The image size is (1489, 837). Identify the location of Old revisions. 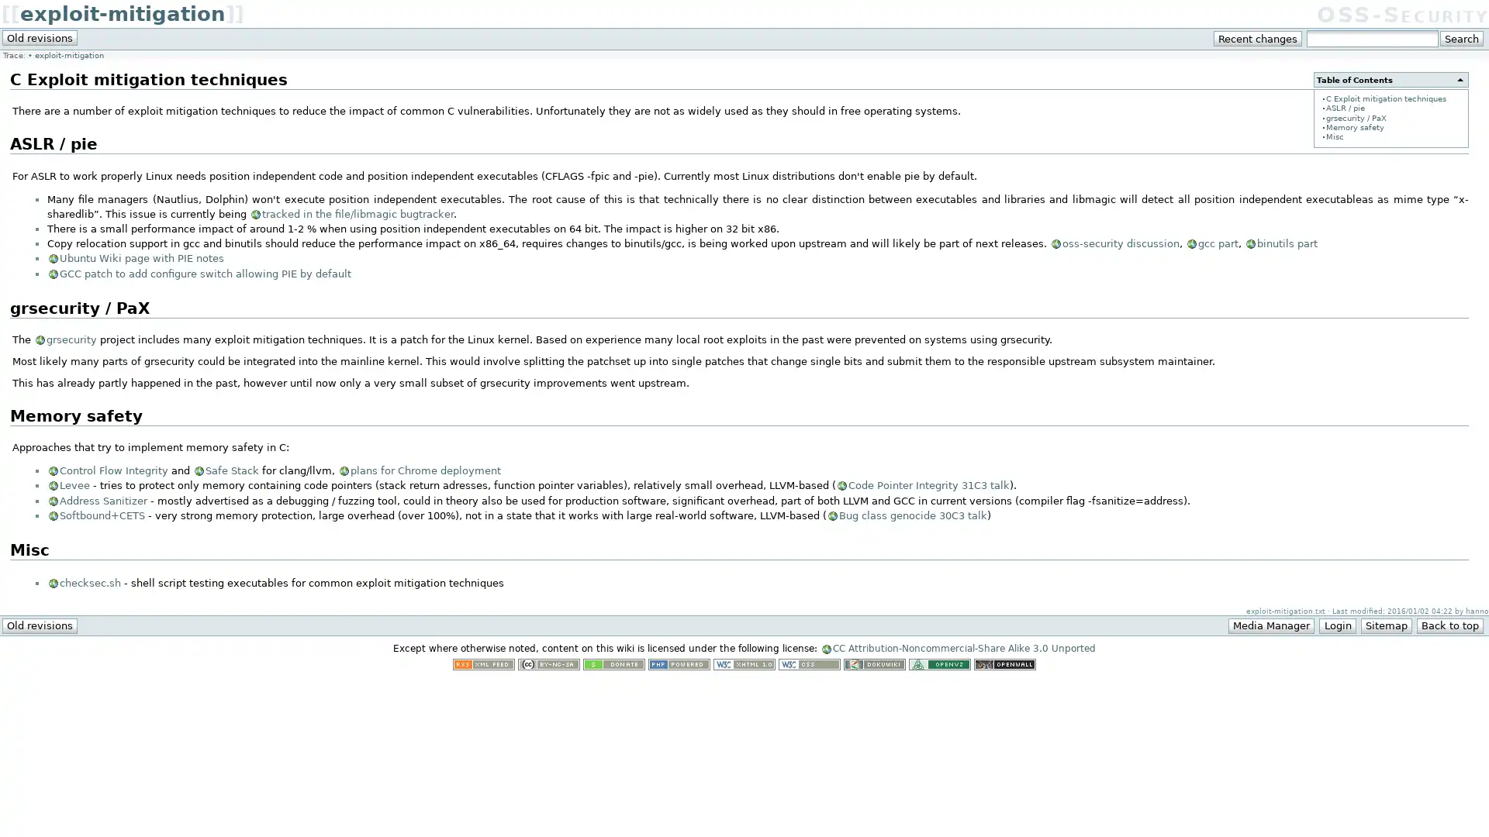
(40, 37).